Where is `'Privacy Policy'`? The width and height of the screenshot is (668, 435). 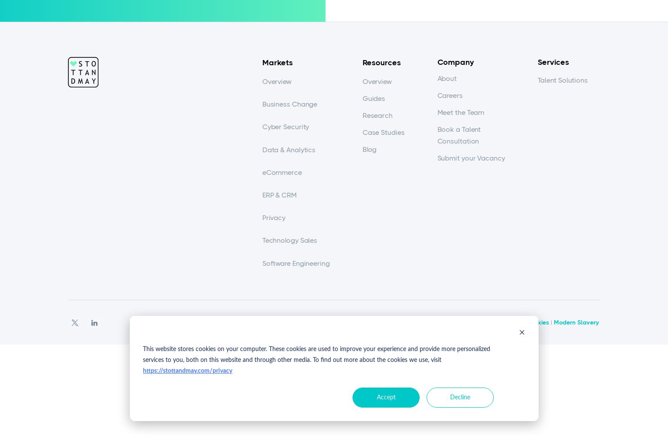
'Privacy Policy' is located at coordinates (502, 321).